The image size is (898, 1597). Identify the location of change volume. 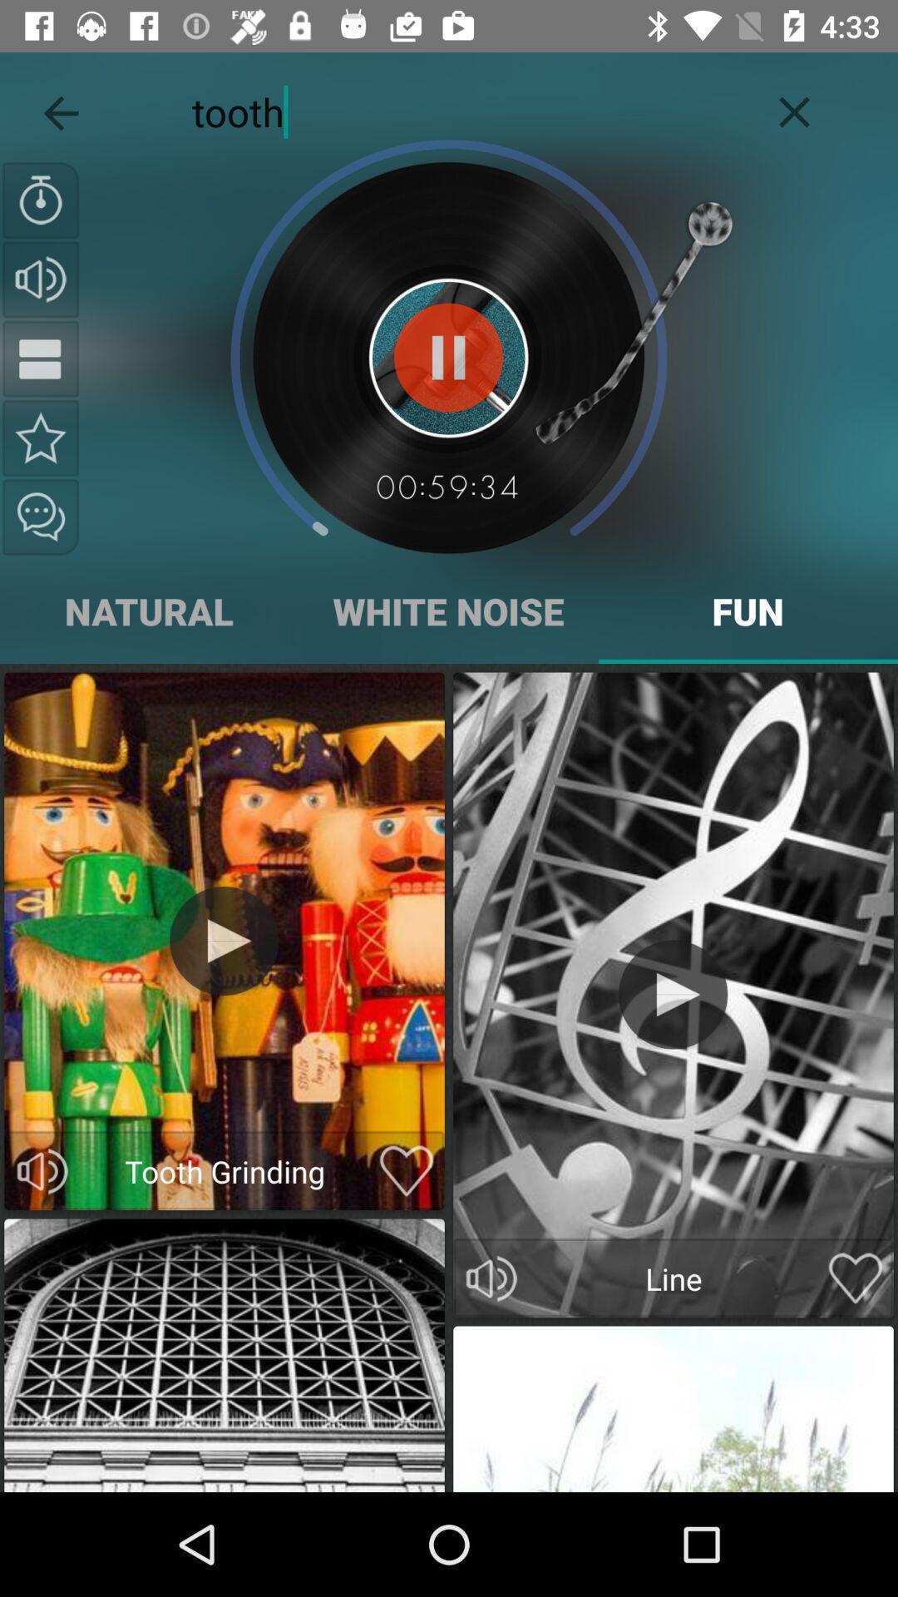
(42, 1170).